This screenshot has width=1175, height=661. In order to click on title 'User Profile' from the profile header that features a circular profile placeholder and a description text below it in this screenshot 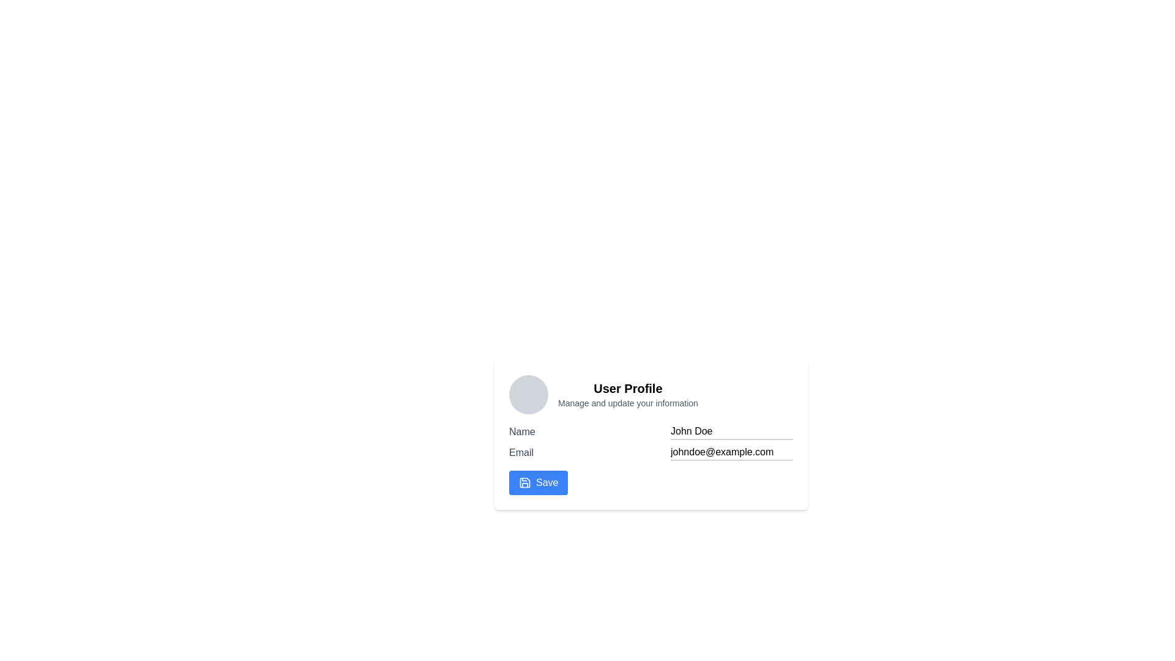, I will do `click(651, 394)`.